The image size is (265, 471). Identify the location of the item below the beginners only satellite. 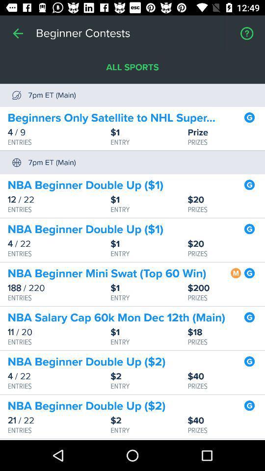
(226, 132).